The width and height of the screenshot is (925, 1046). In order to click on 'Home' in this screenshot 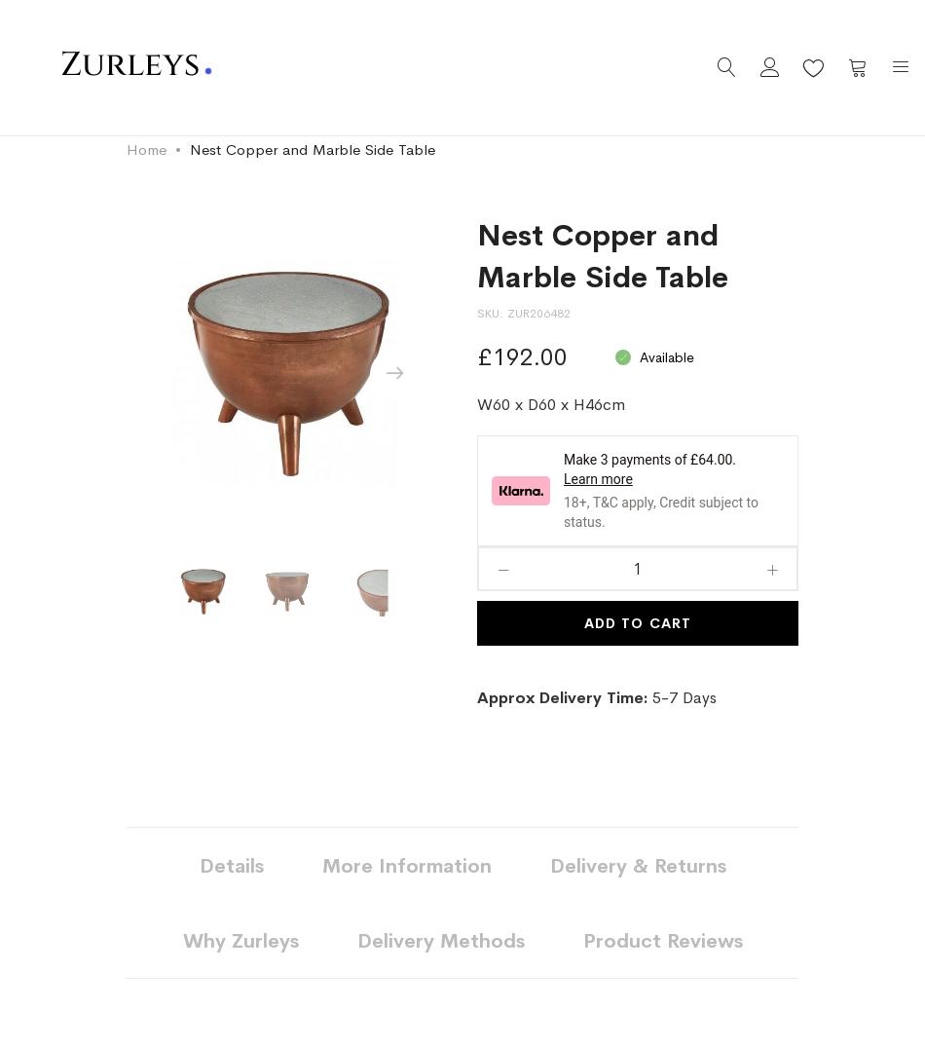, I will do `click(146, 148)`.